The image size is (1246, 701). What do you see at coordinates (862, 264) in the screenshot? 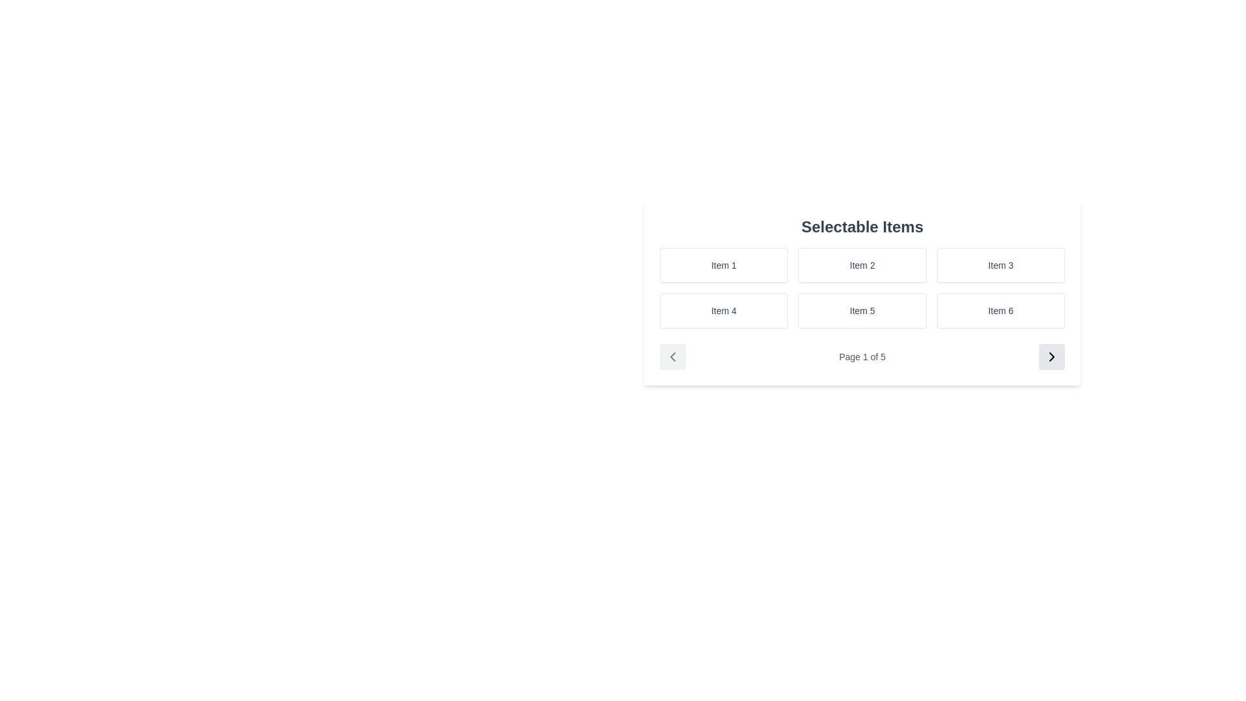
I see `the button-like selectable item labeled 'Item 2'` at bounding box center [862, 264].